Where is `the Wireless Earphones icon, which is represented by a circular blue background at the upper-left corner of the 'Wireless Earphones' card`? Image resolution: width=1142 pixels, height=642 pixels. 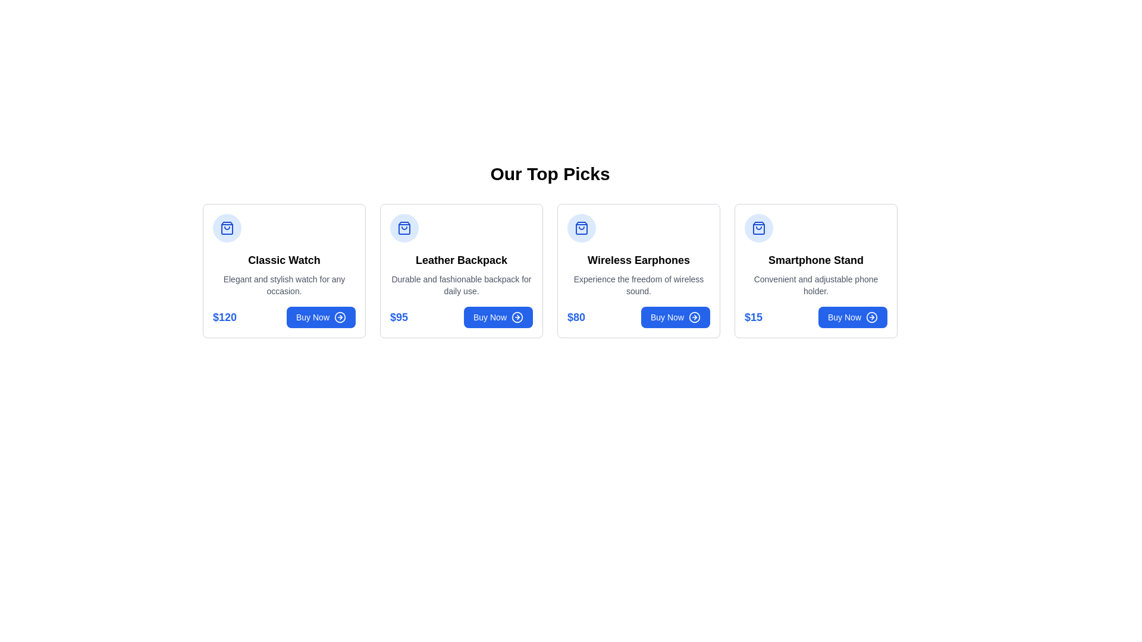
the Wireless Earphones icon, which is represented by a circular blue background at the upper-left corner of the 'Wireless Earphones' card is located at coordinates (582, 228).